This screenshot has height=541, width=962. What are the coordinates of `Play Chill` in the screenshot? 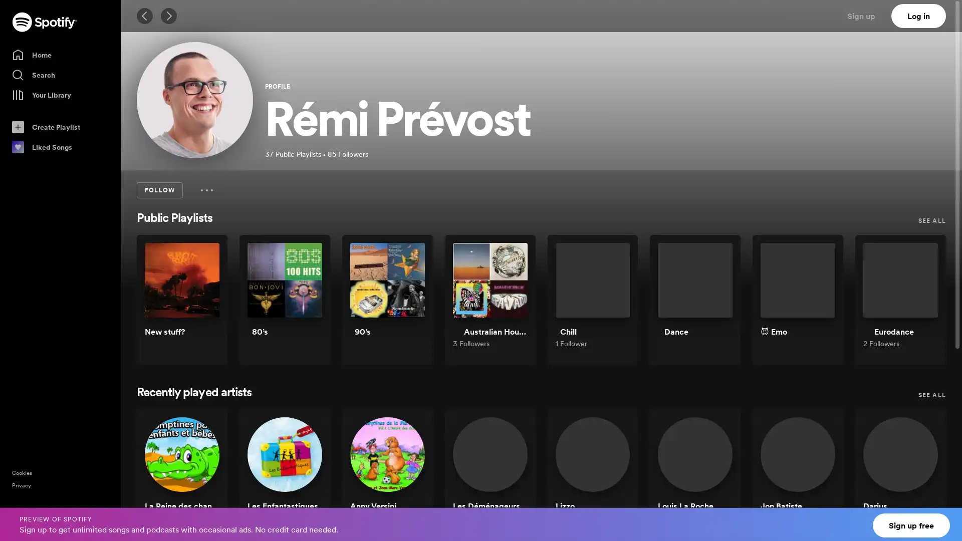 It's located at (613, 305).